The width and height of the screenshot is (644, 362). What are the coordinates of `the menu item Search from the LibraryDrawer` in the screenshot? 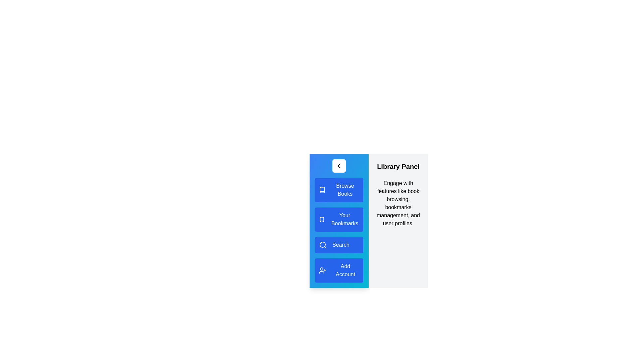 It's located at (339, 245).